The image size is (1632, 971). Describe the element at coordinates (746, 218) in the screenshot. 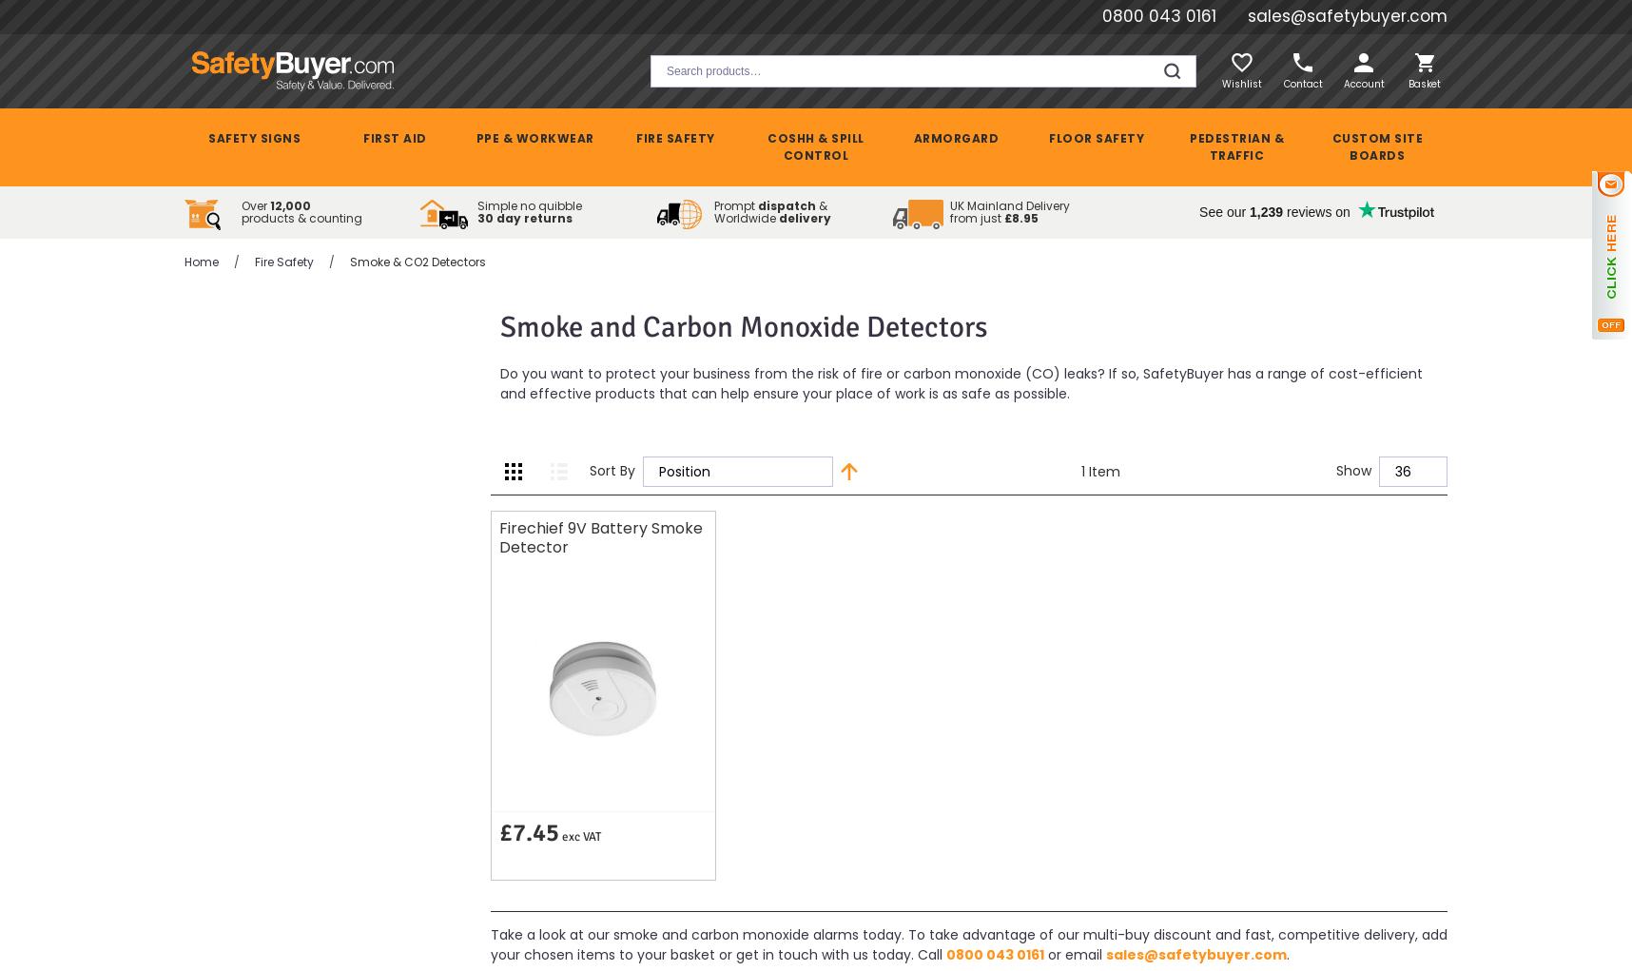

I see `'Worldwide'` at that location.